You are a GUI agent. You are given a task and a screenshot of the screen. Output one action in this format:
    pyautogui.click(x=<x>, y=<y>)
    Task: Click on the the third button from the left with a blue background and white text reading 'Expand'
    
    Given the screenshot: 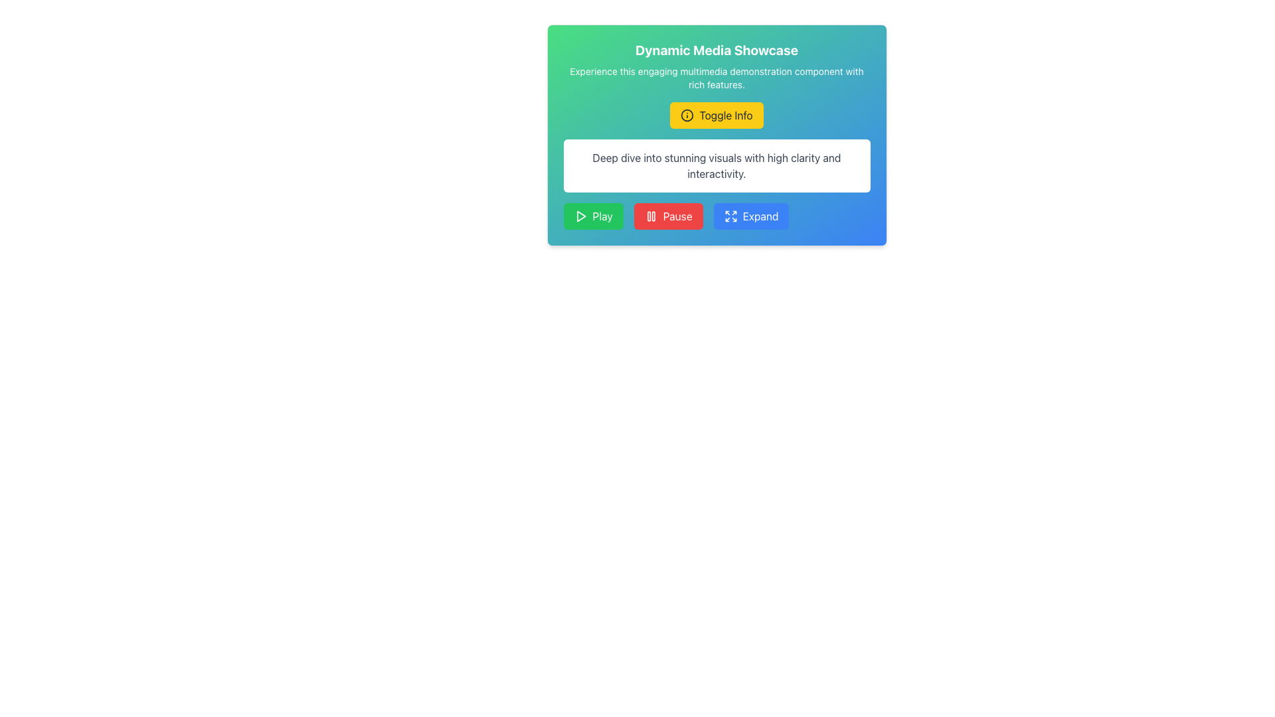 What is the action you would take?
    pyautogui.click(x=751, y=216)
    